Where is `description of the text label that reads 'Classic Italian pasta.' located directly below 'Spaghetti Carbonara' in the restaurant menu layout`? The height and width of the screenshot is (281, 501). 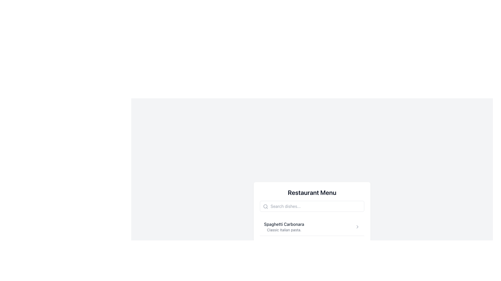 description of the text label that reads 'Classic Italian pasta.' located directly below 'Spaghetti Carbonara' in the restaurant menu layout is located at coordinates (284, 229).